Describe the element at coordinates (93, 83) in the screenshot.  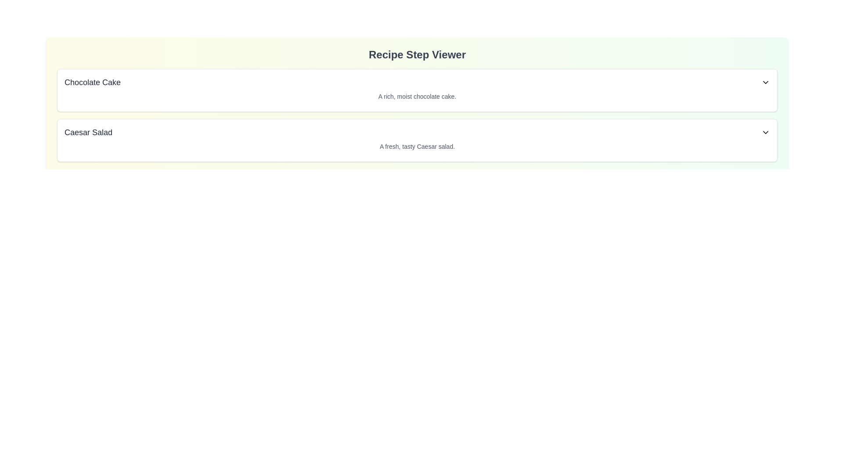
I see `the text label that represents the recipe item 'Chocolate Cake', located in the top left region of the interface, to the left of a dropdown menu indicator and above the 'Caesar Salad' text element` at that location.